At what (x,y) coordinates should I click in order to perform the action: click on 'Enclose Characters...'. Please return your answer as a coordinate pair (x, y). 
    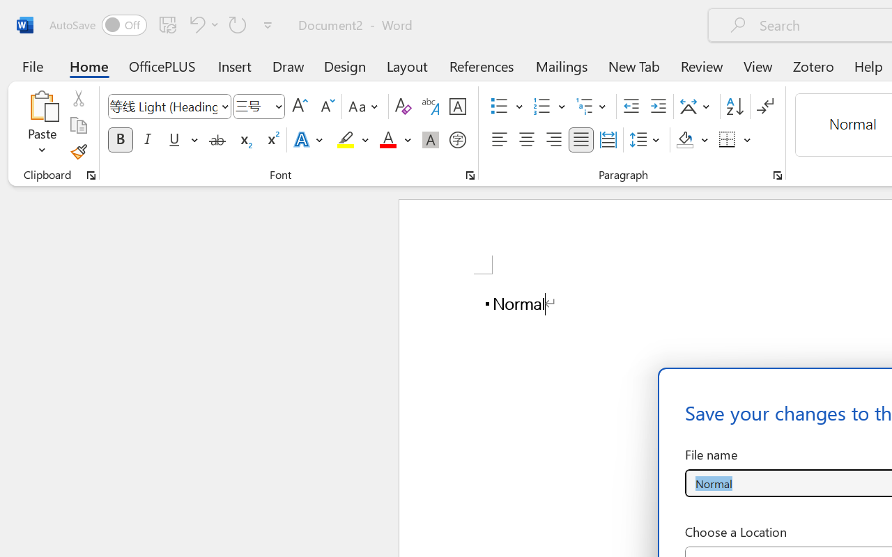
    Looking at the image, I should click on (457, 140).